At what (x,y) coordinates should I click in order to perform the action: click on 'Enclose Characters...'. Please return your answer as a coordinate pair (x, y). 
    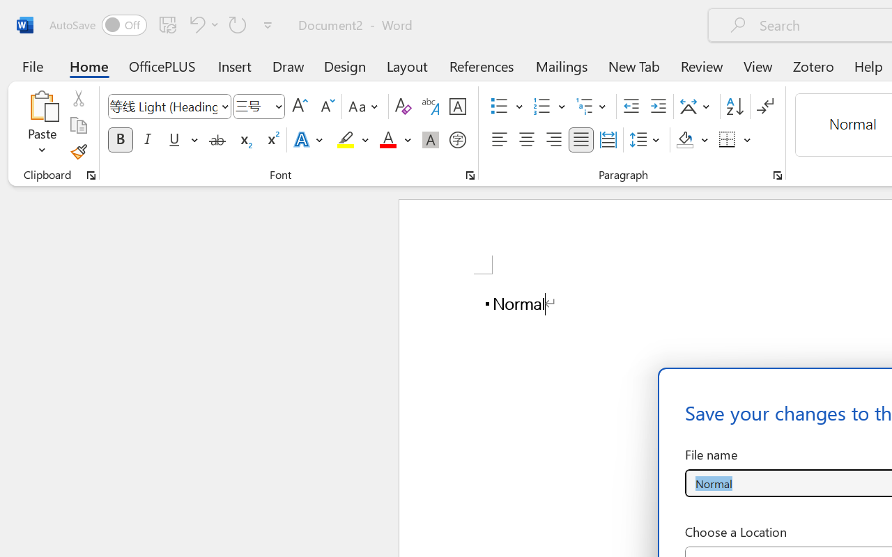
    Looking at the image, I should click on (457, 140).